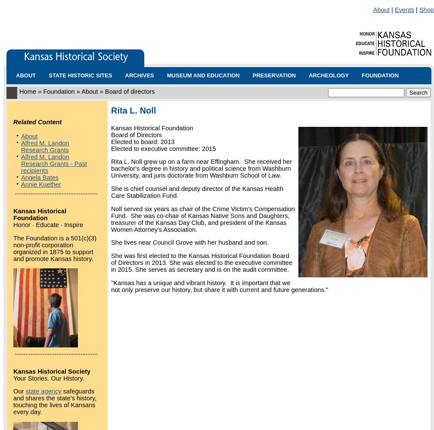  I want to click on 'Rita L. Noll', so click(133, 111).